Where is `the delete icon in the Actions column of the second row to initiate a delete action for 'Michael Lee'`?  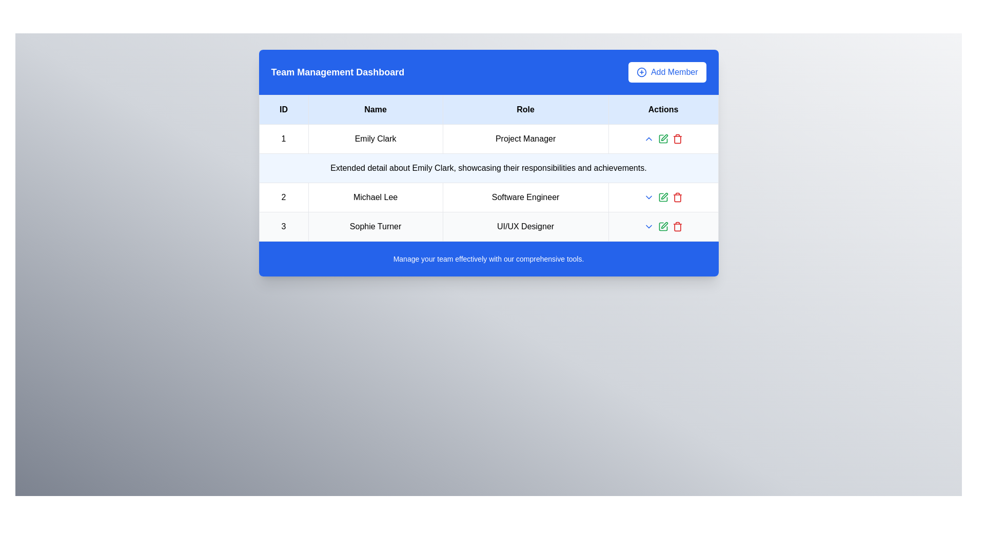 the delete icon in the Actions column of the second row to initiate a delete action for 'Michael Lee' is located at coordinates (677, 197).